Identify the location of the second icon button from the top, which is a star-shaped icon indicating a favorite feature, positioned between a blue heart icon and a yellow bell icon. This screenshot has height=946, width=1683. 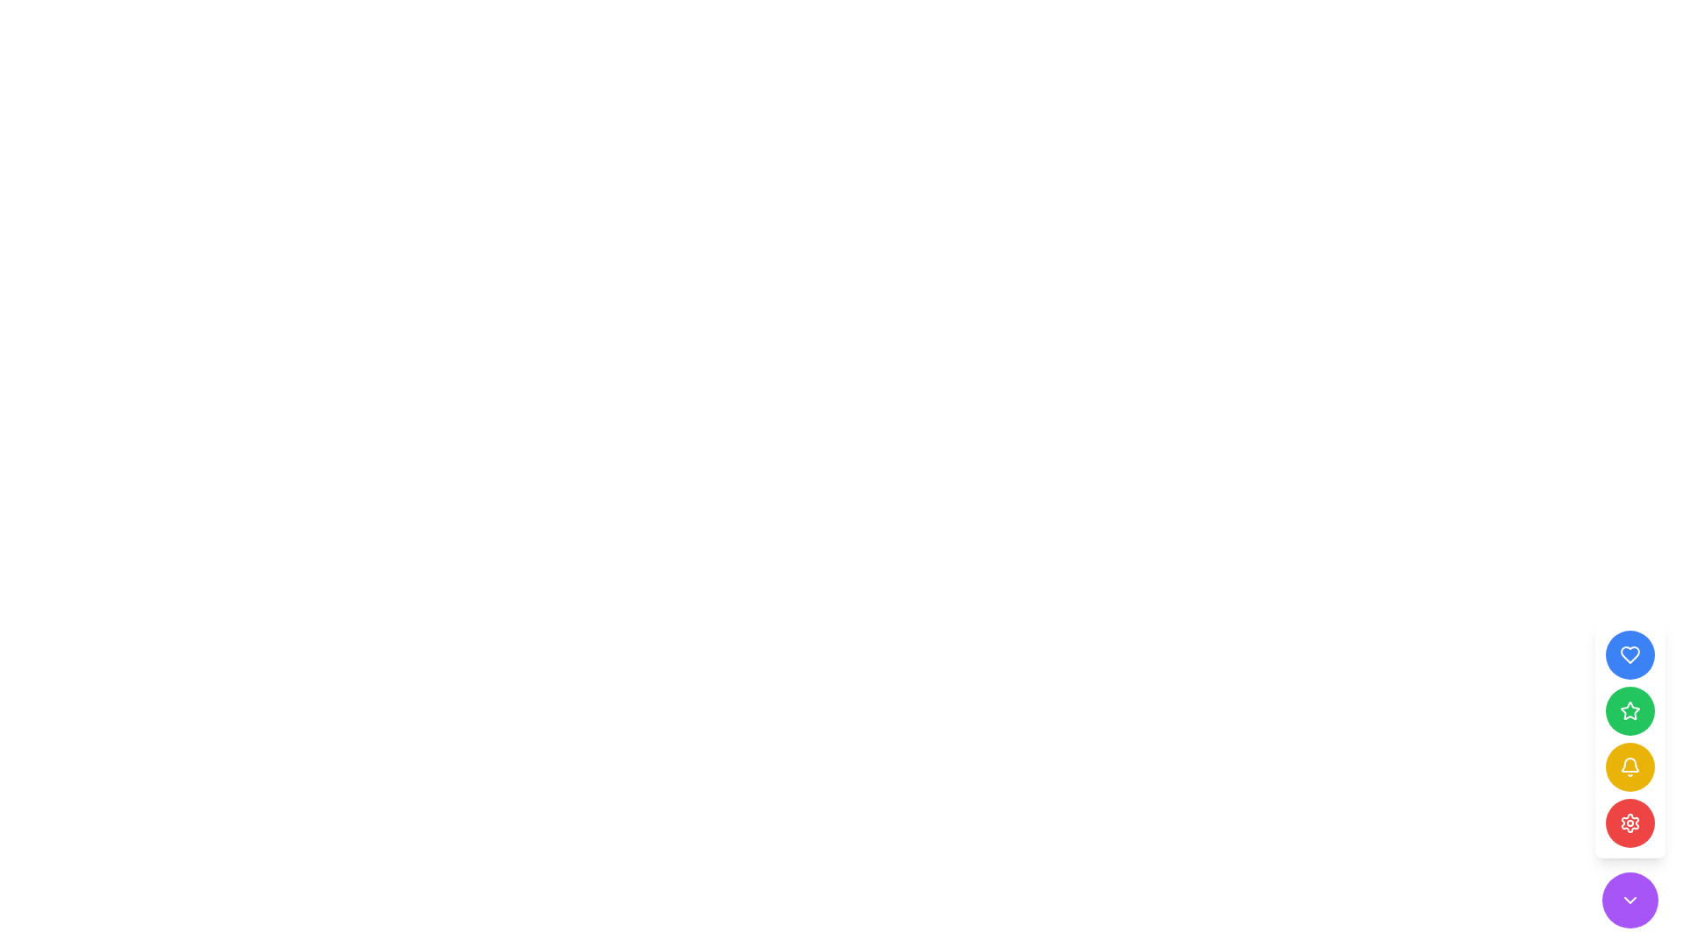
(1630, 711).